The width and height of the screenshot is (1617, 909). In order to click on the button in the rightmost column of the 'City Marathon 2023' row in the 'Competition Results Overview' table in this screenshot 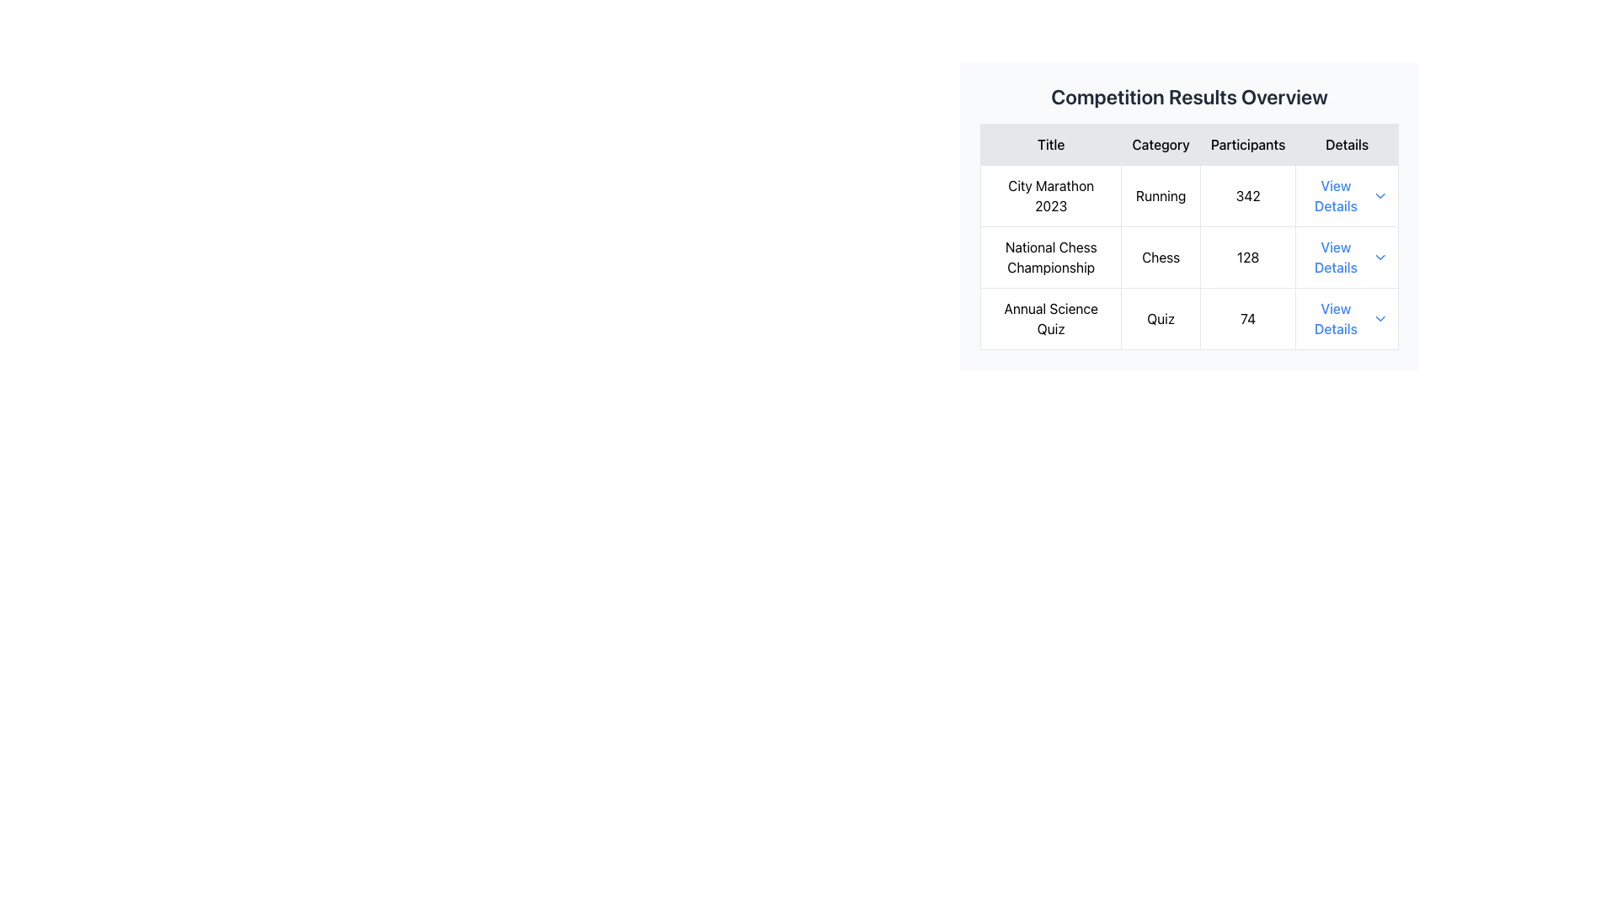, I will do `click(1345, 194)`.